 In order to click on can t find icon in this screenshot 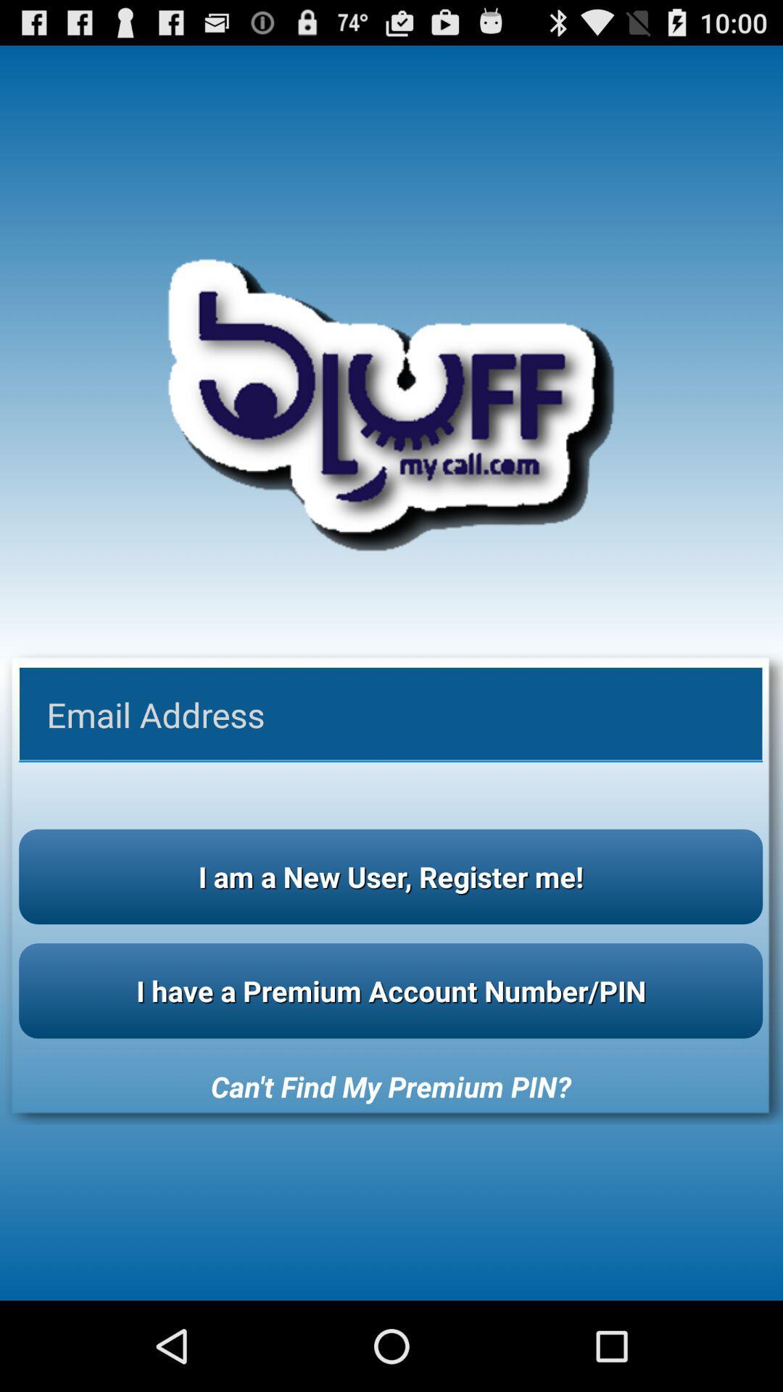, I will do `click(390, 1086)`.